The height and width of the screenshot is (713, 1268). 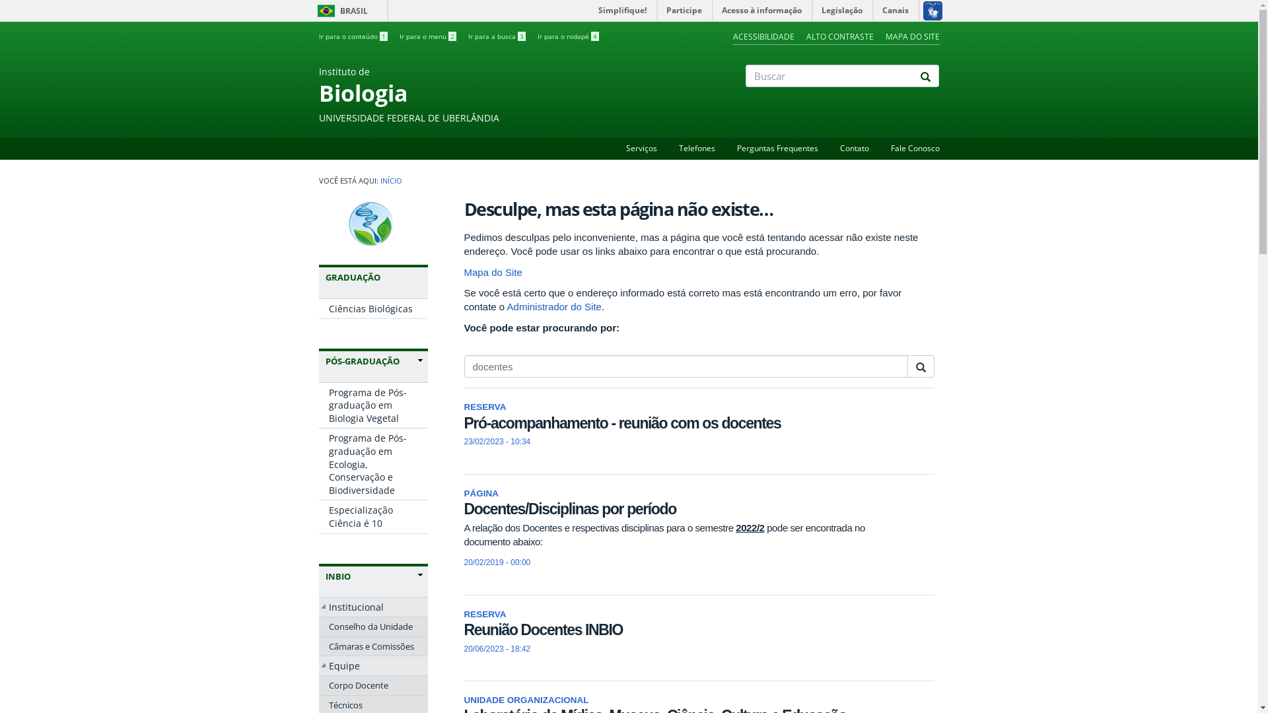 I want to click on 'Conselho da Unidade', so click(x=372, y=625).